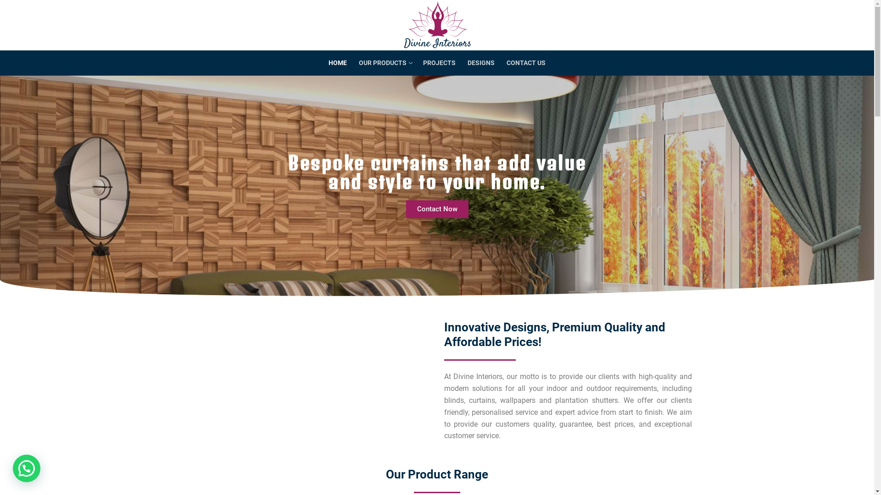 The height and width of the screenshot is (495, 881). Describe the element at coordinates (480, 63) in the screenshot. I see `'DESIGNS'` at that location.